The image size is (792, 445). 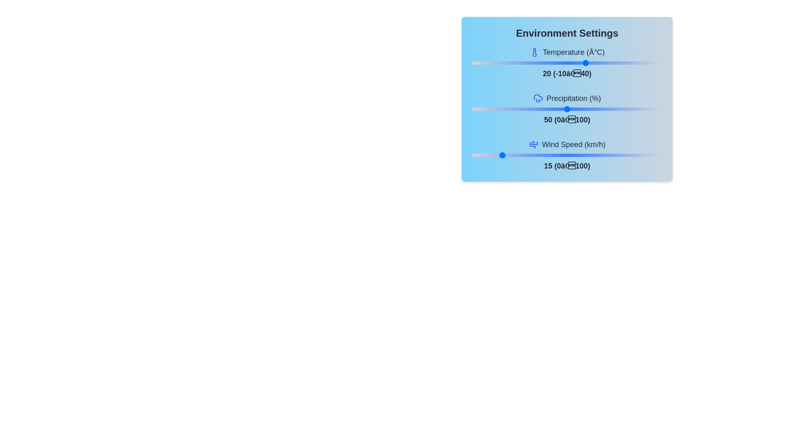 I want to click on the label 'Wind Speed (km/h)' which is styled with a medium gray font and has a blue wind icon, located in the third row of the environment settings panel, so click(x=566, y=144).